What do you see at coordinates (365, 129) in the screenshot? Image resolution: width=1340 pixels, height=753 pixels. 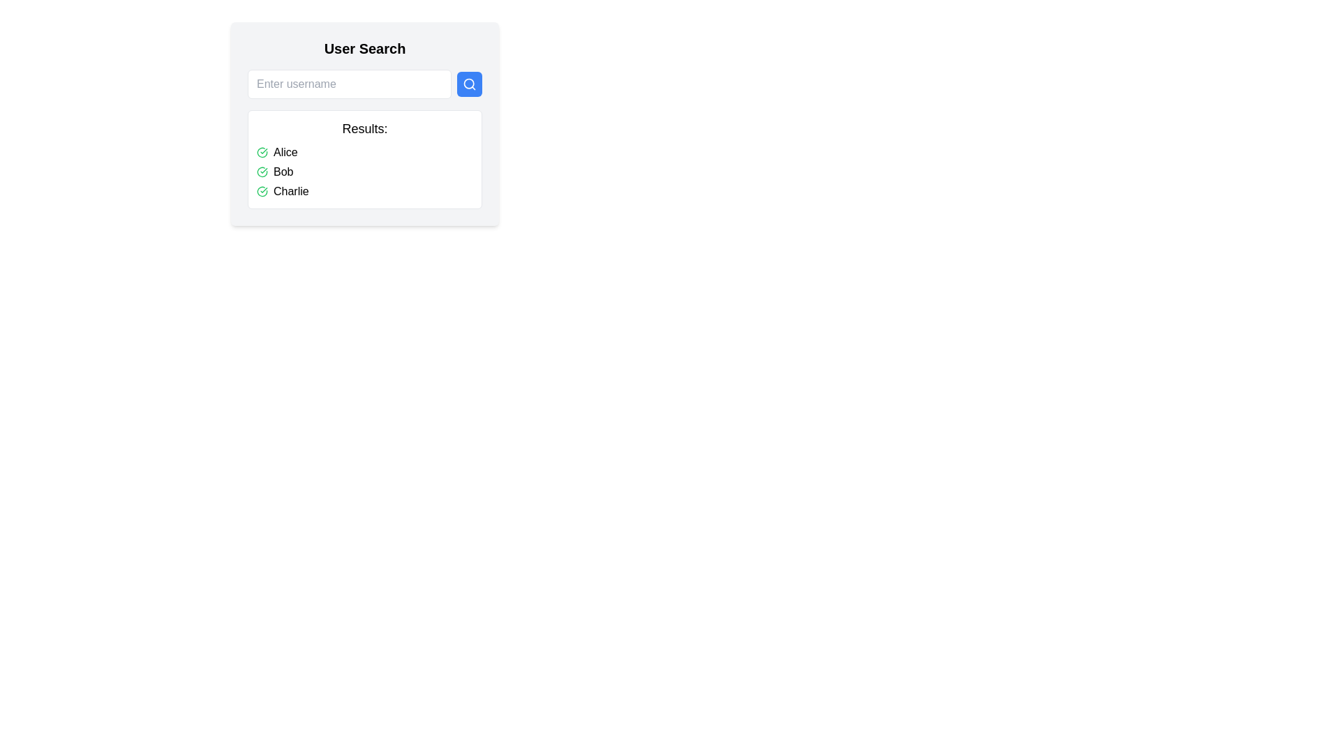 I see `the text label 'Results:' which is positioned at the top of a white box that lists user results, just below the 'User Search' header` at bounding box center [365, 129].